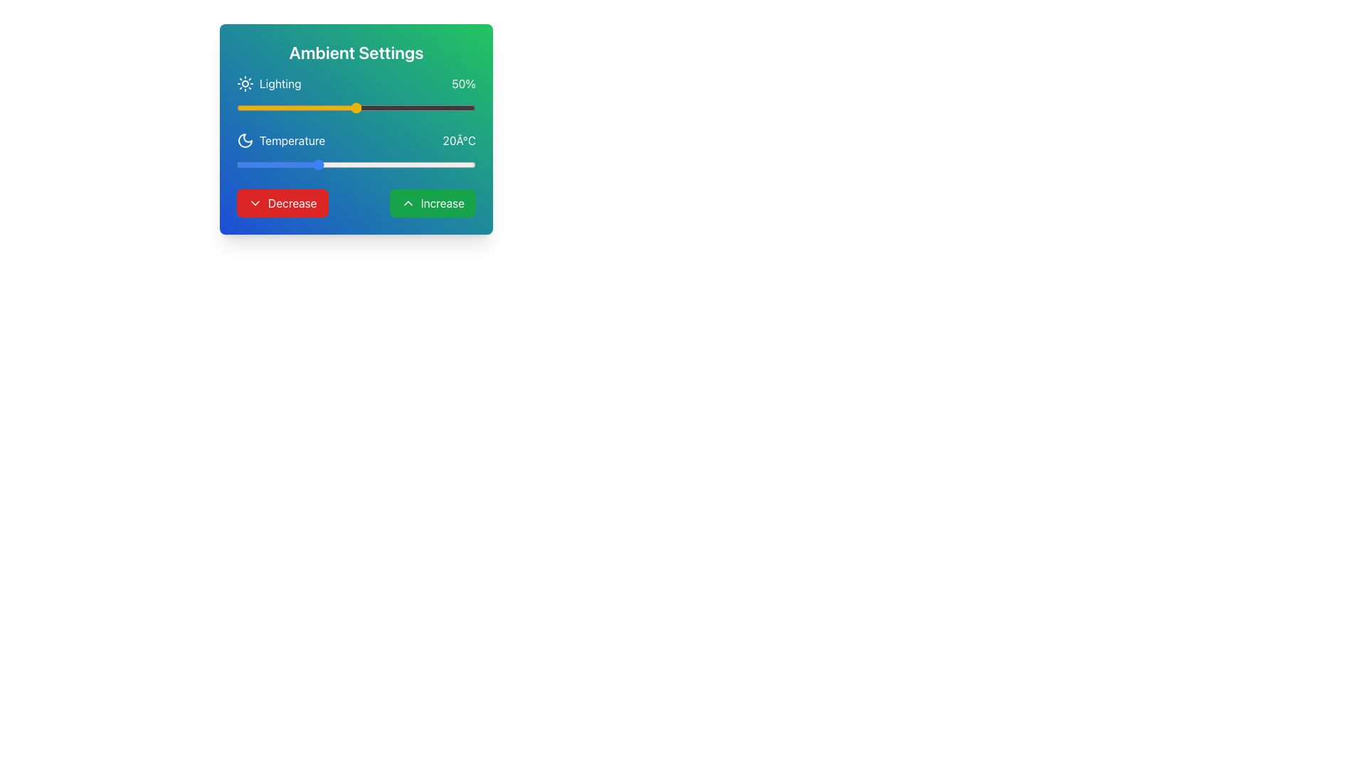 This screenshot has height=768, width=1366. What do you see at coordinates (314, 107) in the screenshot?
I see `brightness level` at bounding box center [314, 107].